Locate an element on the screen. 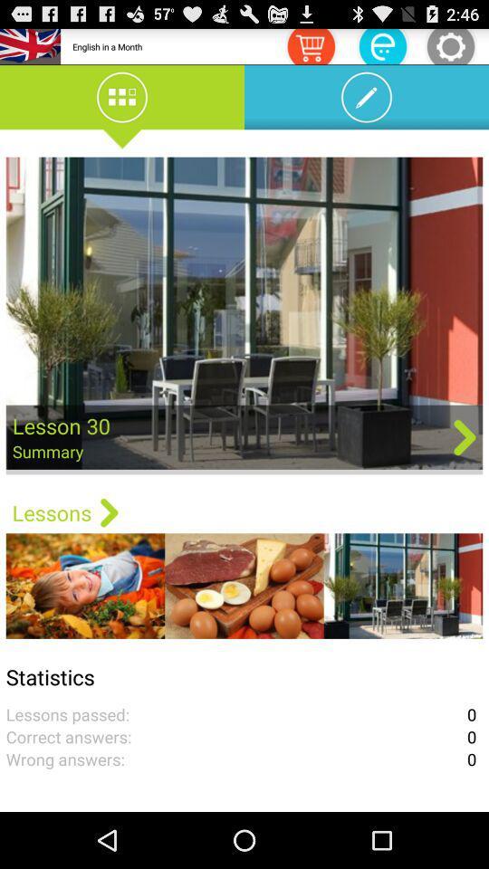 This screenshot has height=869, width=489. navigate to lesson 30 summary is located at coordinates (244, 315).